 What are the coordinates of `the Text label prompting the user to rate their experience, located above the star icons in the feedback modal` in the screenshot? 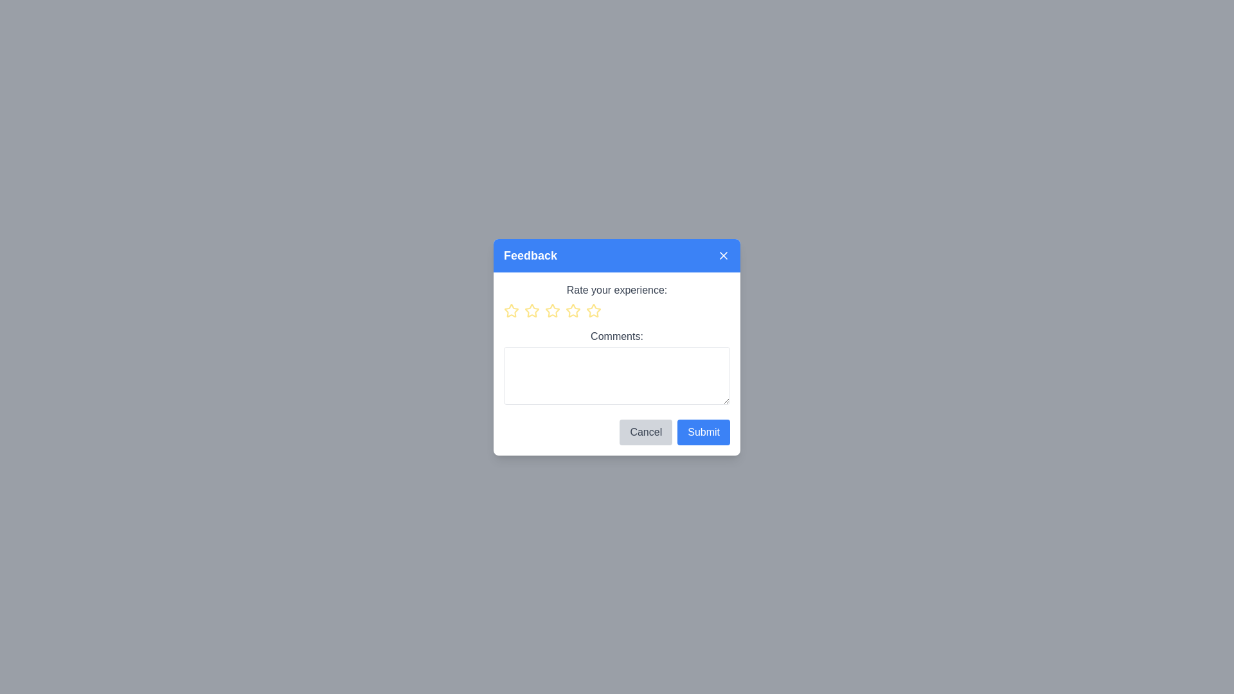 It's located at (617, 290).